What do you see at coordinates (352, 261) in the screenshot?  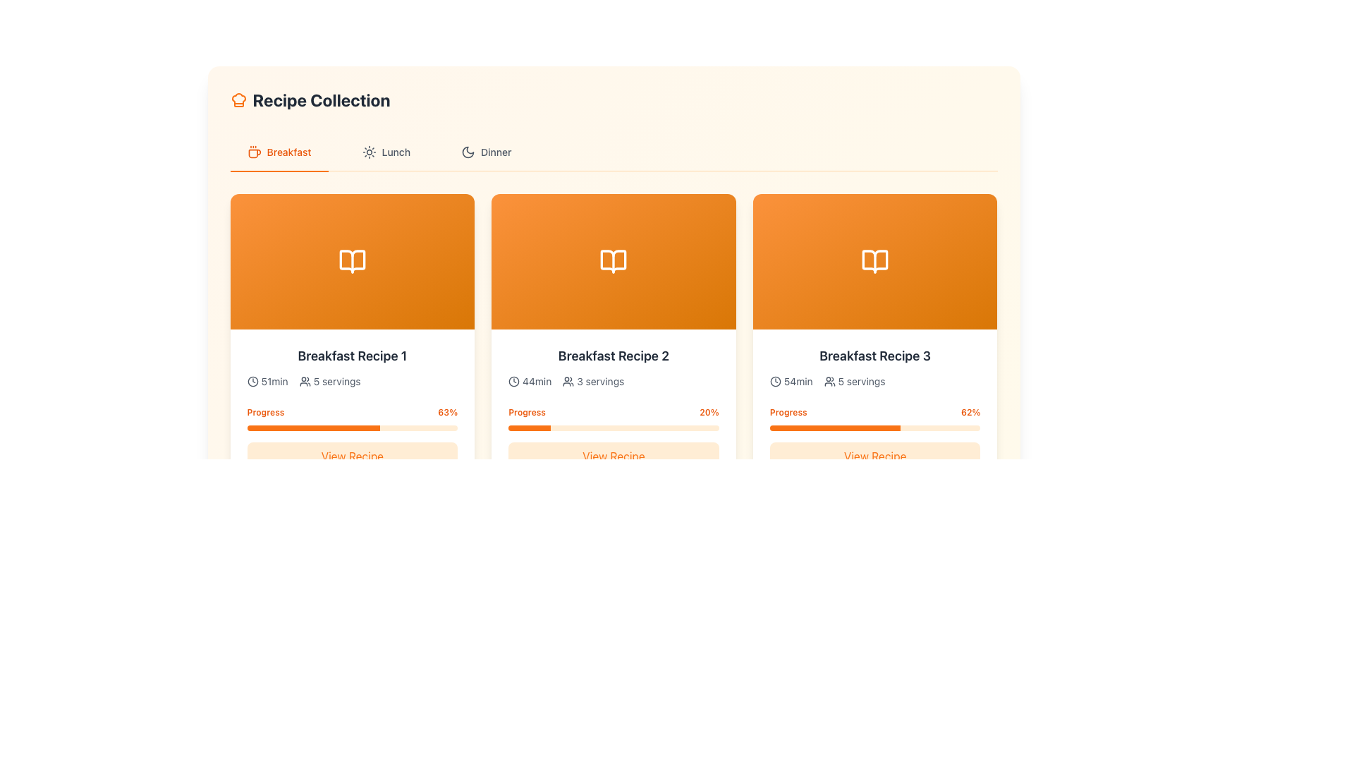 I see `the icon representing the concept of reading or accessing details about 'Breakfast Recipe 1', which is located in the header section of the first recipe card` at bounding box center [352, 261].